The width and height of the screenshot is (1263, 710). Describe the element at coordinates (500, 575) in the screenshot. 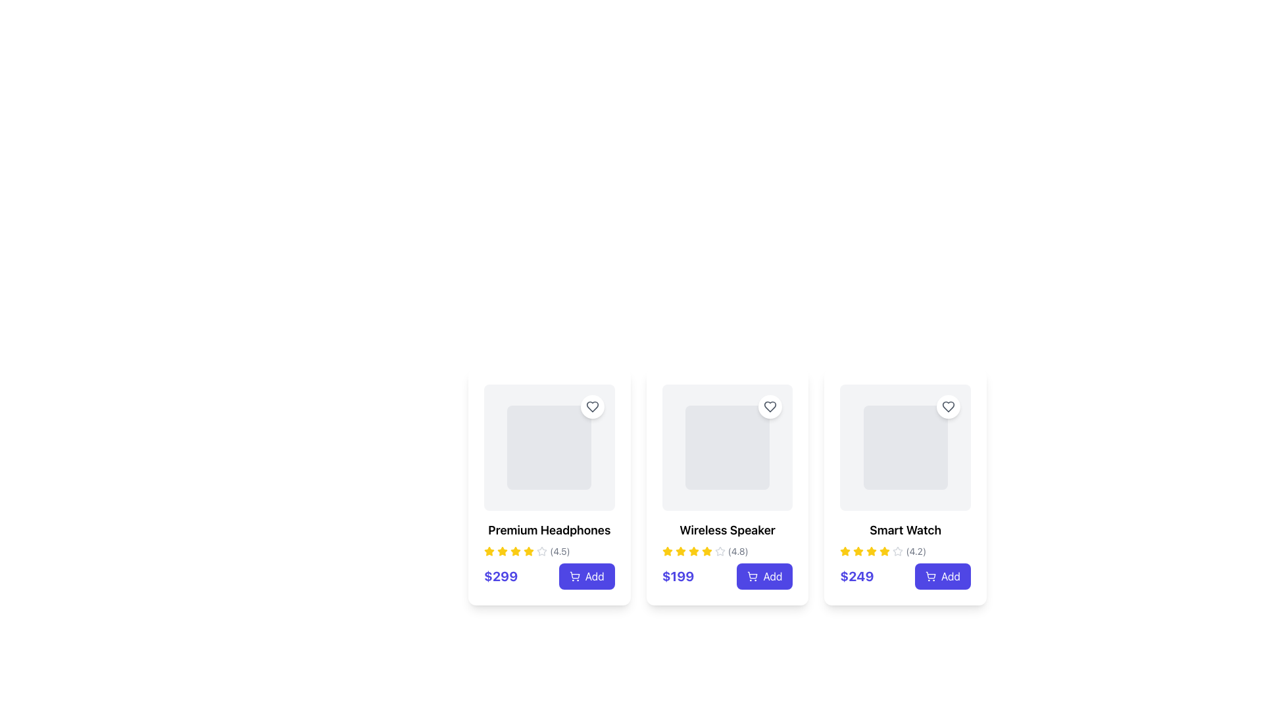

I see `the price Text label located on the left side of the 'Add' button in the leftmost product card` at that location.